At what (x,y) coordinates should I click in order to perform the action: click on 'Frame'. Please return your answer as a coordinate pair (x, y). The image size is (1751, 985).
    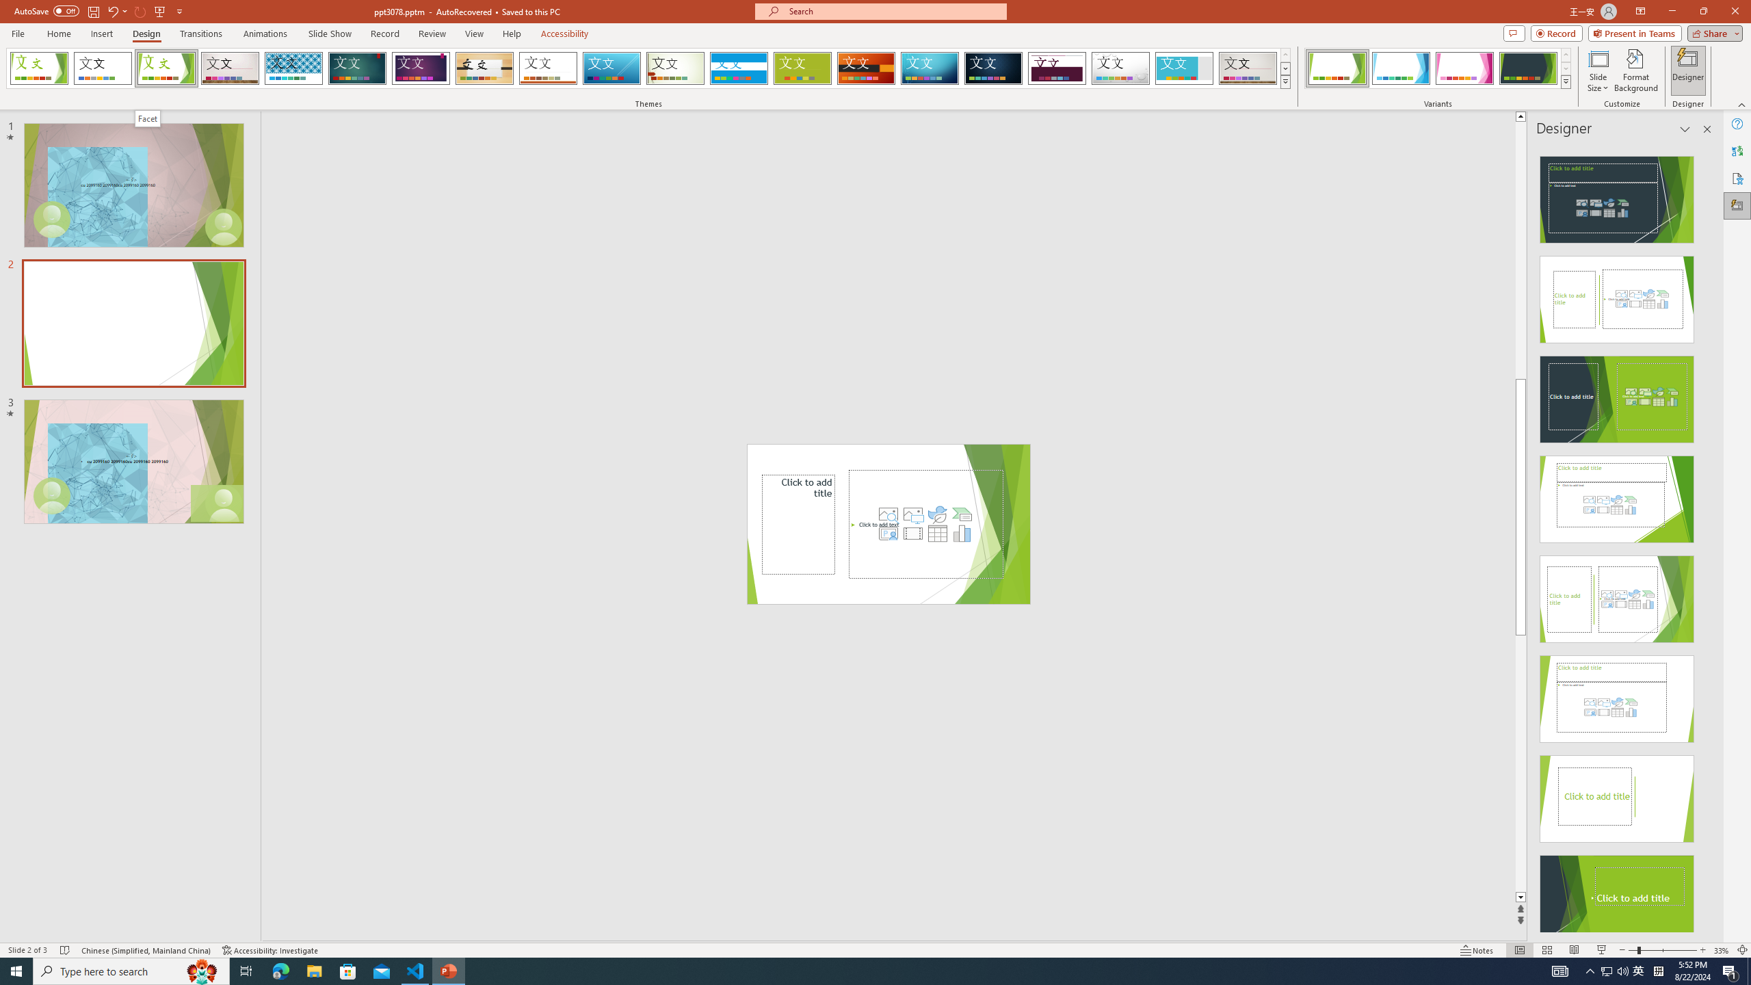
    Looking at the image, I should click on (1184, 68).